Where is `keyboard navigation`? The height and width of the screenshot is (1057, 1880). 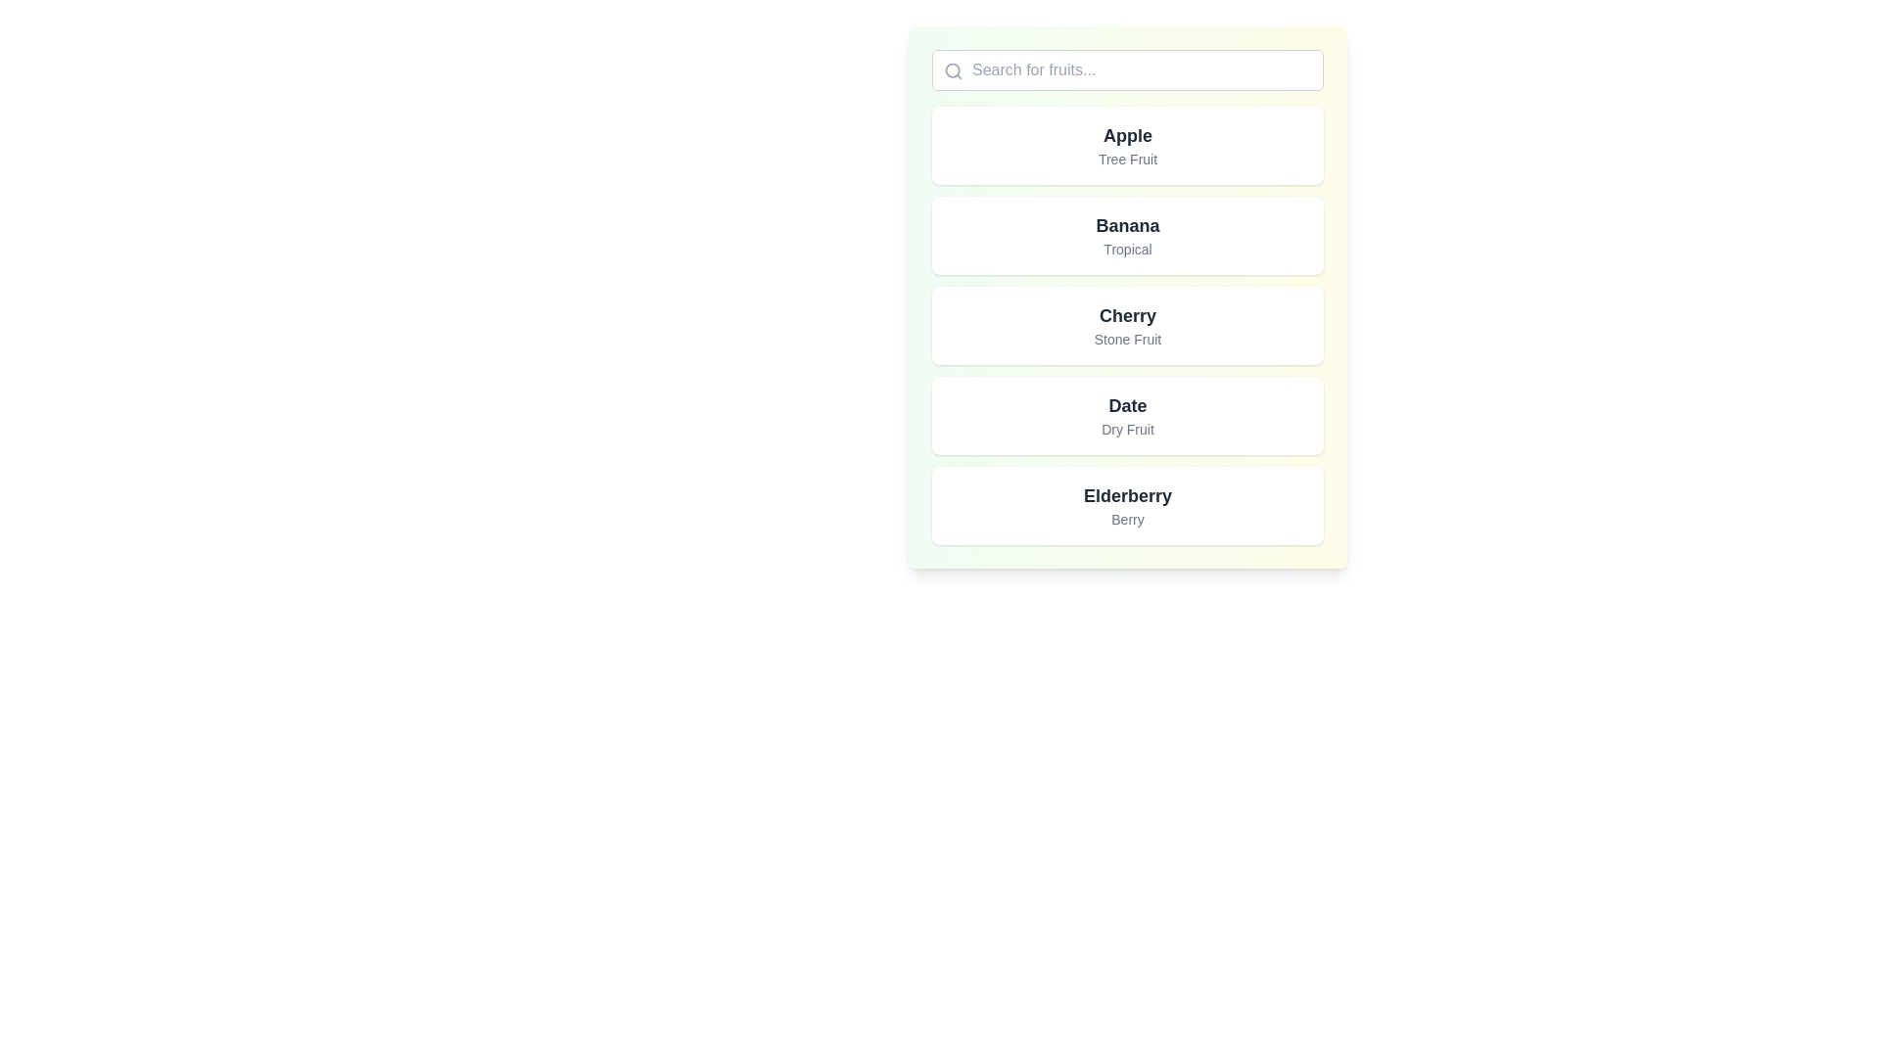
keyboard navigation is located at coordinates (1128, 145).